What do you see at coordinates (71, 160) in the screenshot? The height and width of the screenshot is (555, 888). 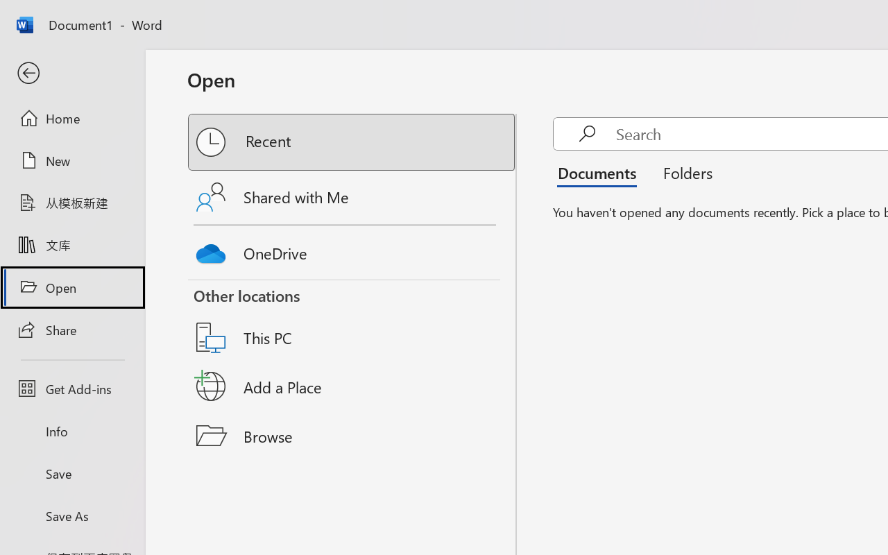 I see `'New'` at bounding box center [71, 160].